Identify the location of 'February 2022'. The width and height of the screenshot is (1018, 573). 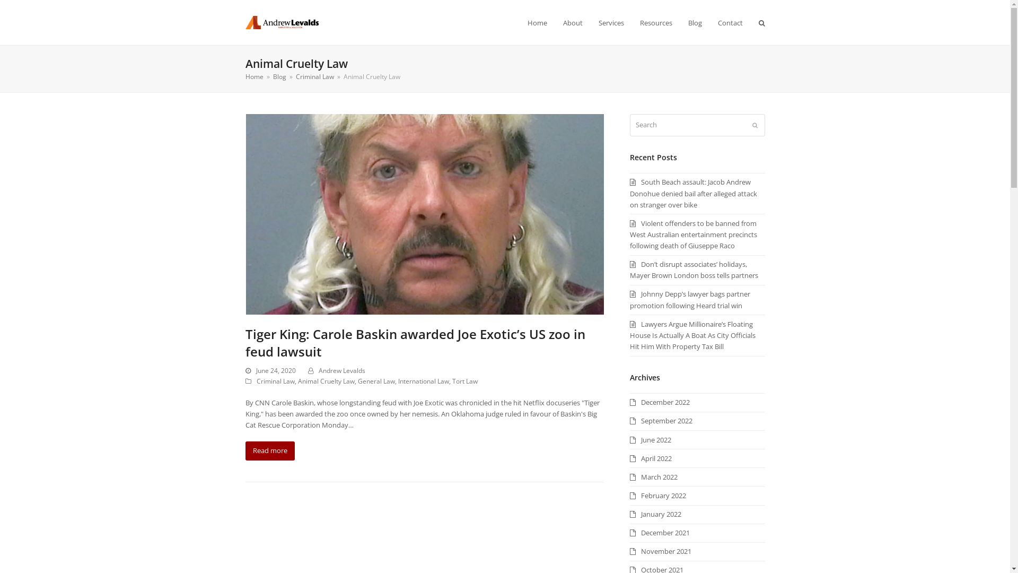
(657, 495).